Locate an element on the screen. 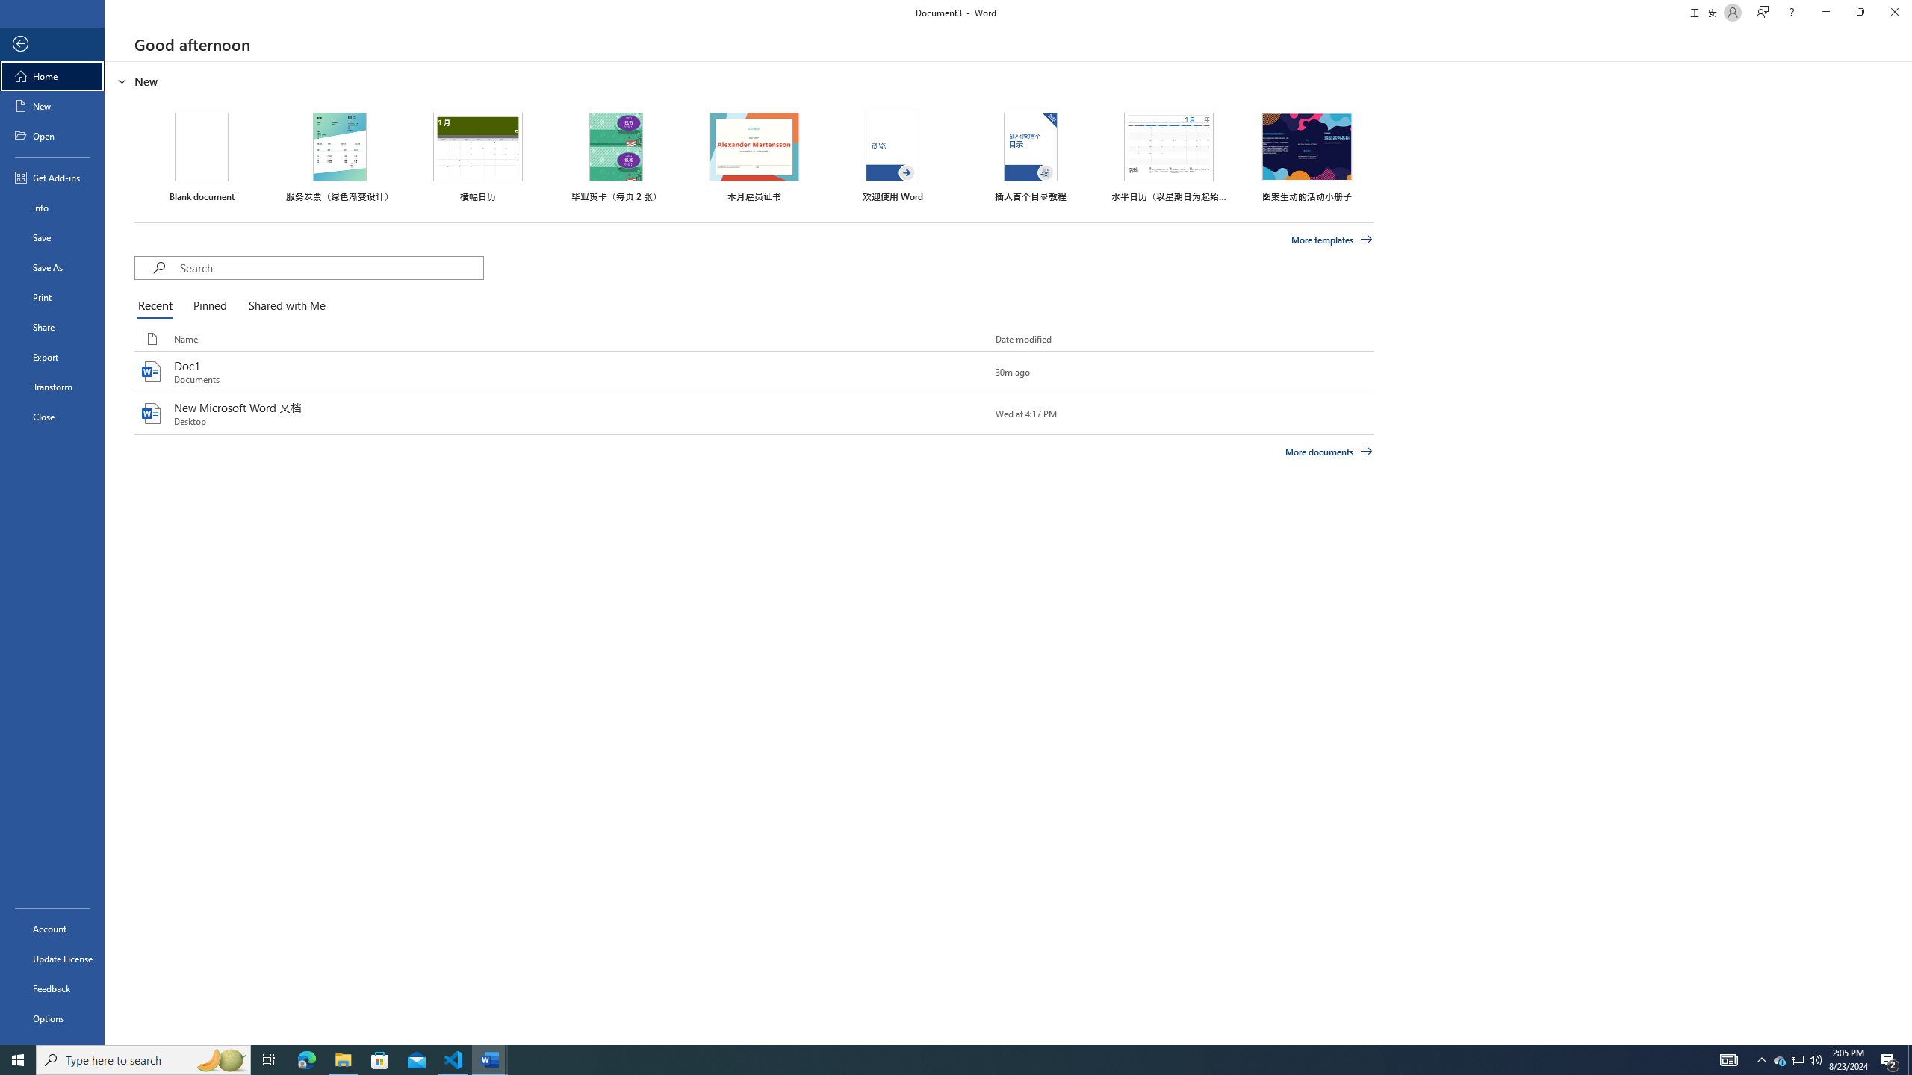 The image size is (1912, 1075). 'Pin this item to the list' is located at coordinates (971, 412).